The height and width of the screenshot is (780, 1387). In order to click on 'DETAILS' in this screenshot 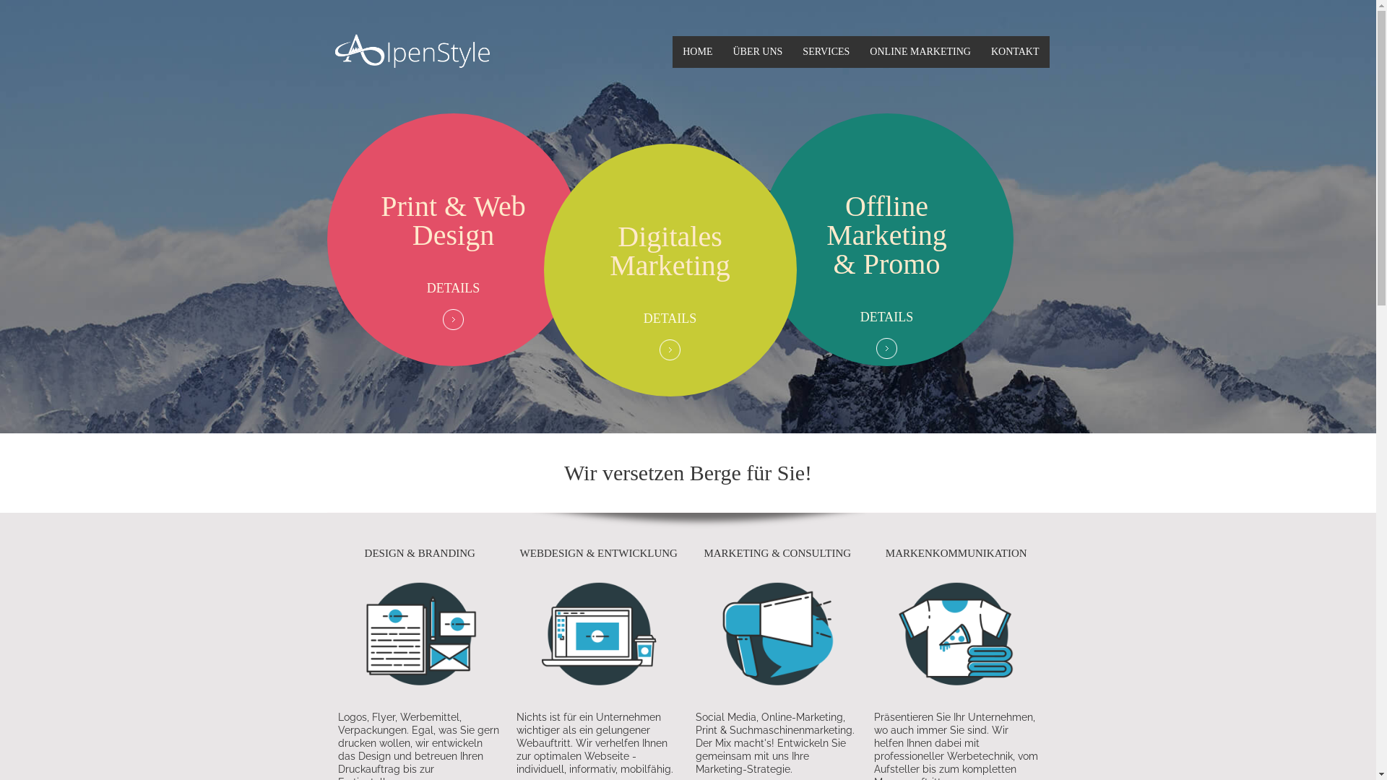, I will do `click(669, 317)`.